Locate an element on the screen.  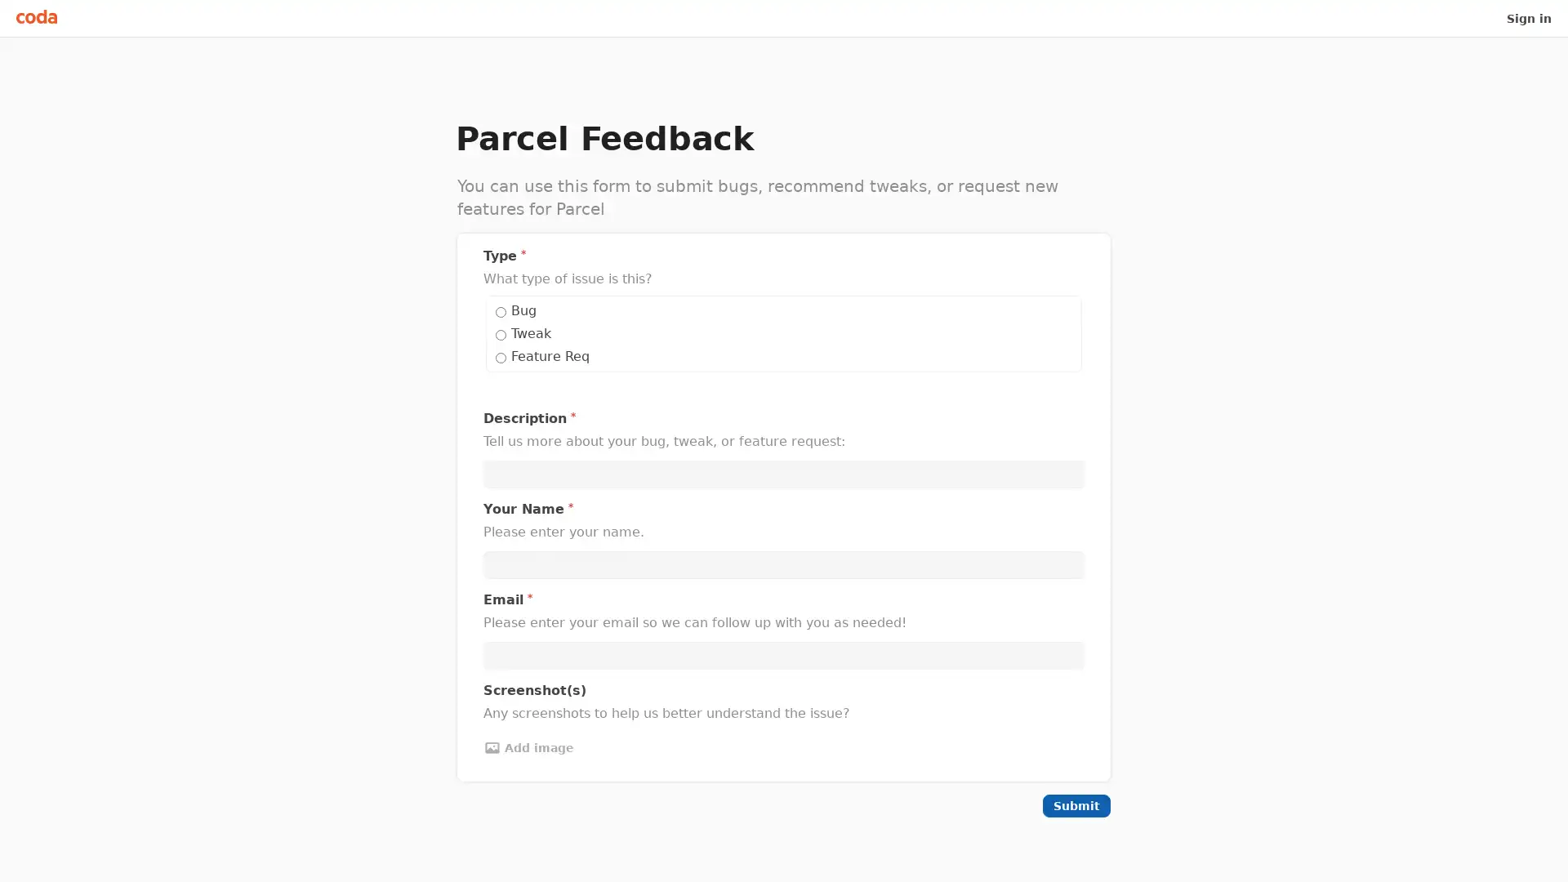
Submit is located at coordinates (1076, 804).